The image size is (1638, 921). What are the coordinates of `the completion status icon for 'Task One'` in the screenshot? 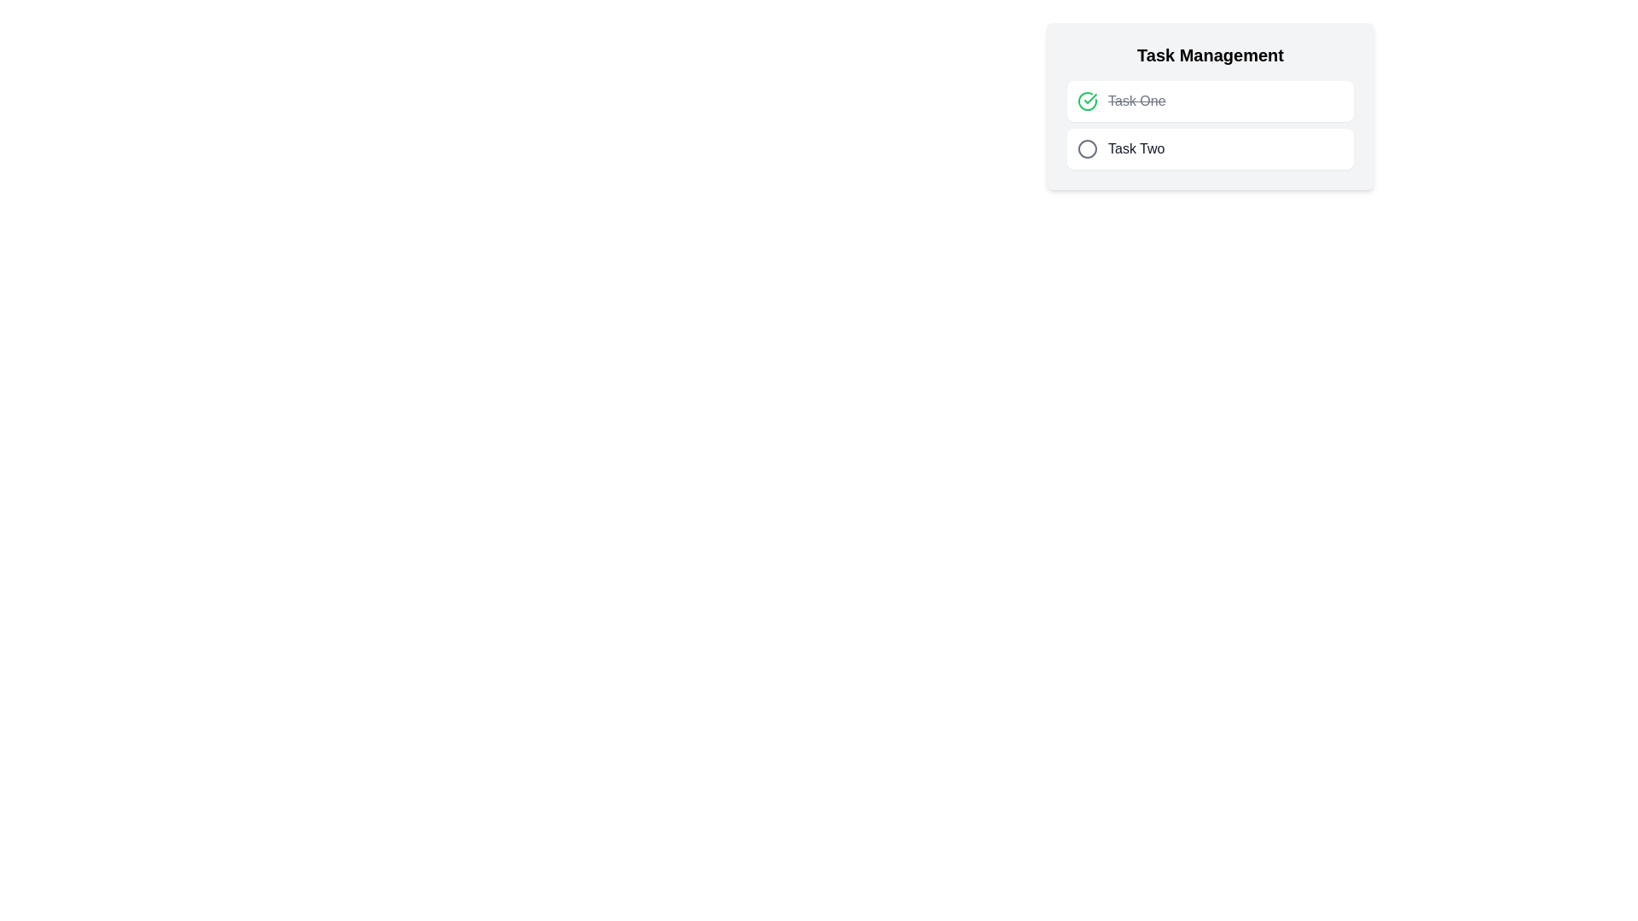 It's located at (1087, 101).